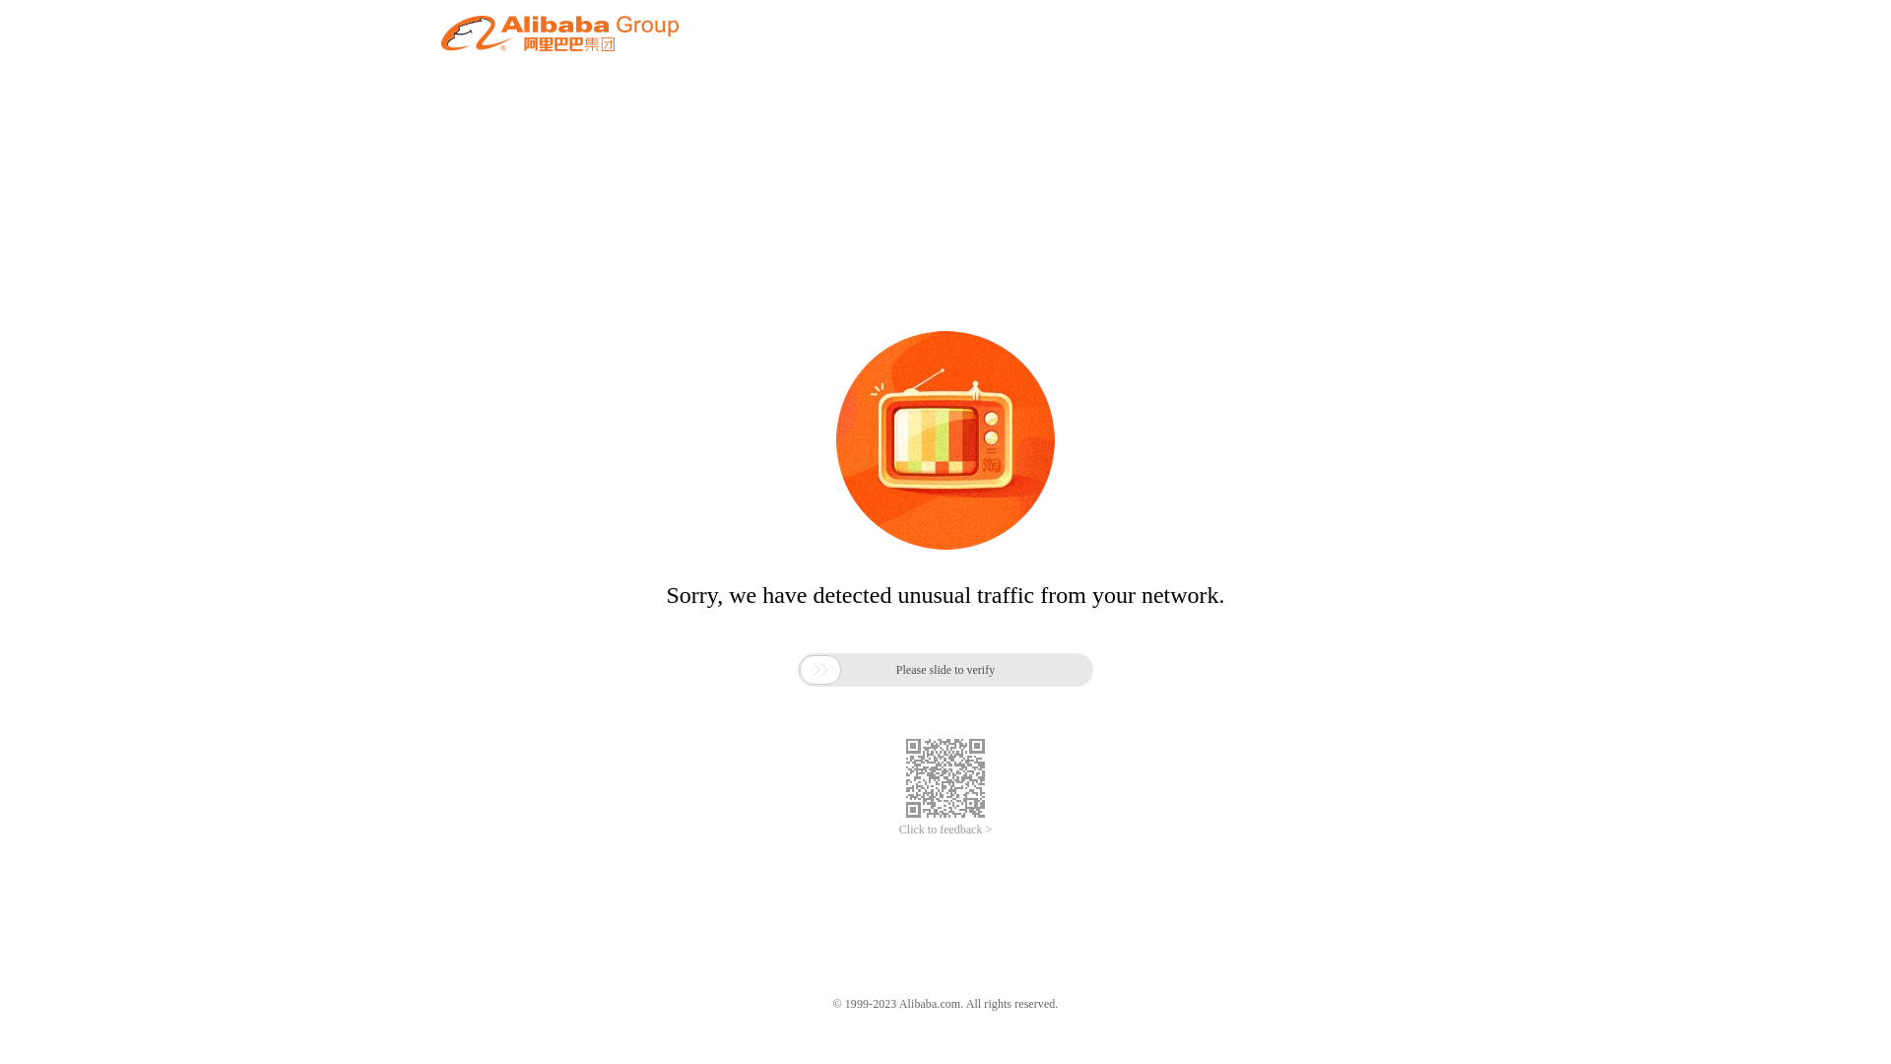 This screenshot has height=1064, width=1891. What do you see at coordinates (897, 830) in the screenshot?
I see `'Click to feedback >'` at bounding box center [897, 830].